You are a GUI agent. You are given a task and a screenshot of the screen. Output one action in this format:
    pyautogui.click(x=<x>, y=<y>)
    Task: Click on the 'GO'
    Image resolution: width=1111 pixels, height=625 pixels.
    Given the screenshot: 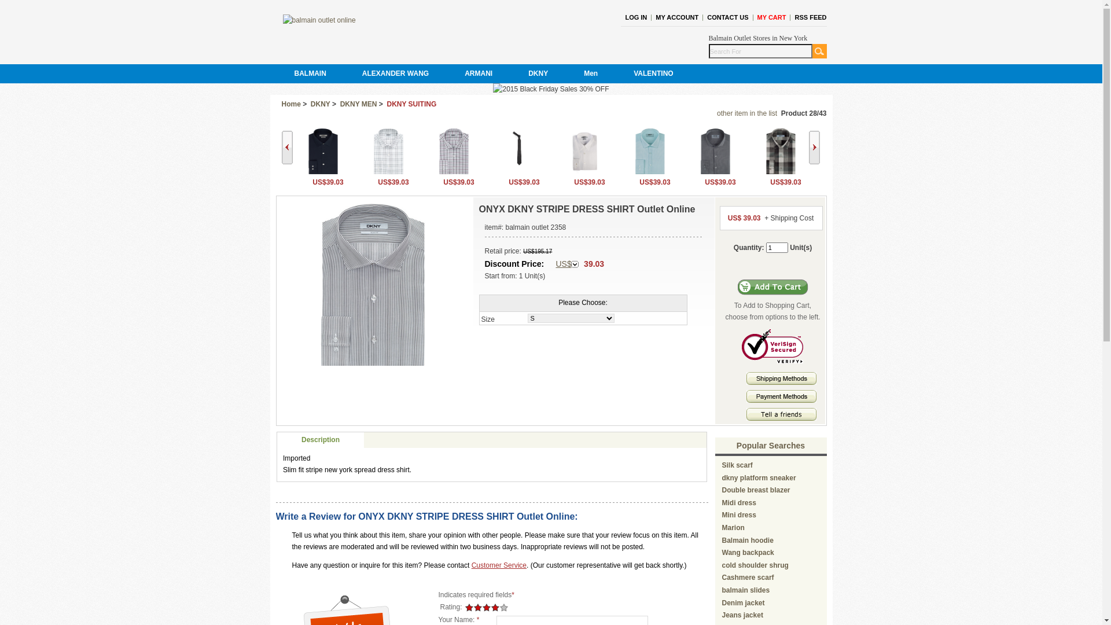 What is the action you would take?
    pyautogui.click(x=819, y=50)
    